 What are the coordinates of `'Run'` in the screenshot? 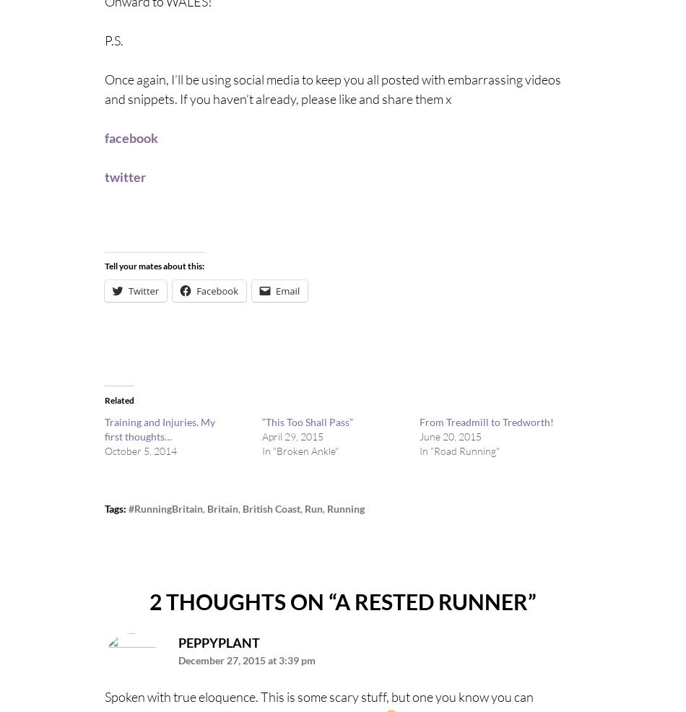 It's located at (303, 507).